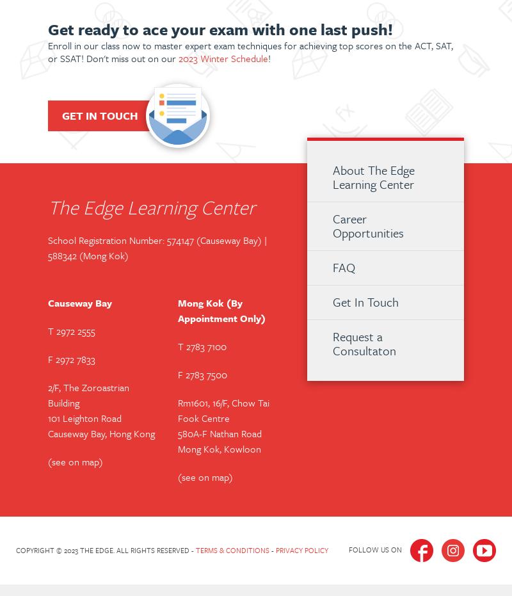  What do you see at coordinates (179, 58) in the screenshot?
I see `'2023 Winter Schedule'` at bounding box center [179, 58].